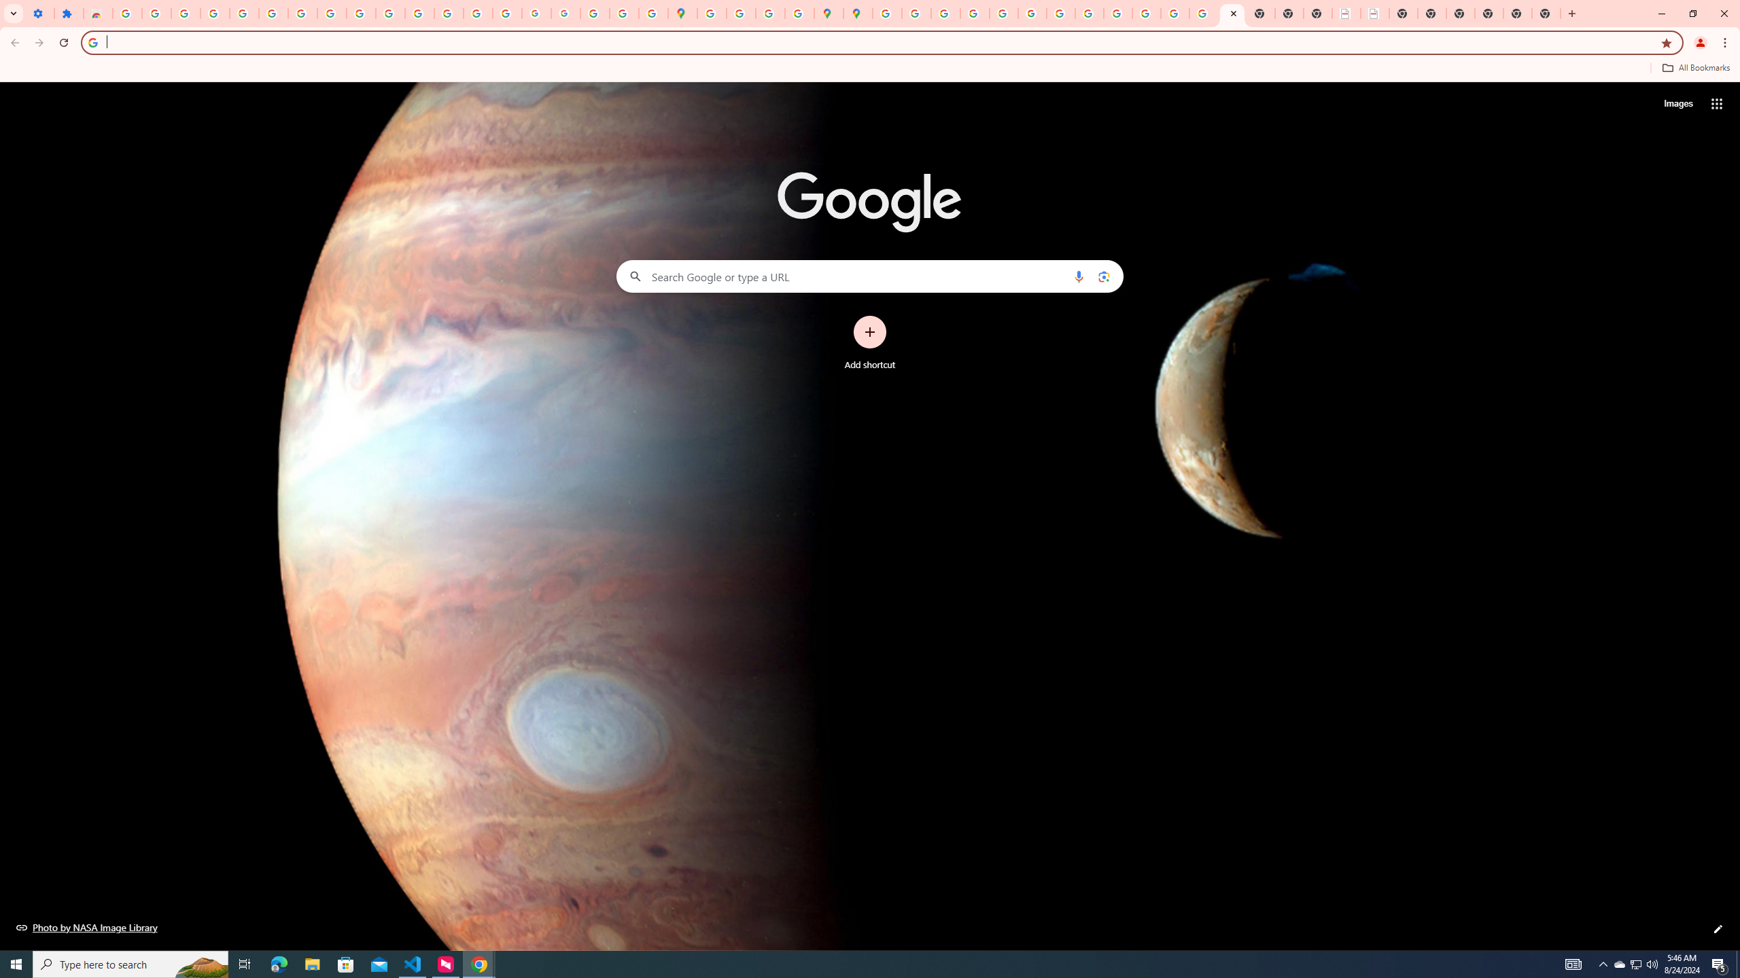  What do you see at coordinates (1374, 13) in the screenshot?
I see `'BAE Systems Brasil | BAE Systems'` at bounding box center [1374, 13].